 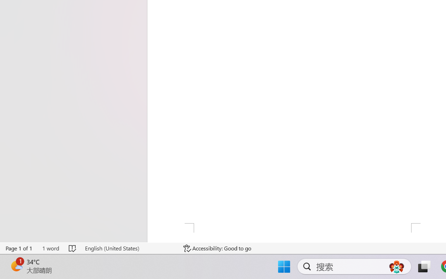 I want to click on 'Accessibility Checker Accessibility: Good to go', so click(x=217, y=248).